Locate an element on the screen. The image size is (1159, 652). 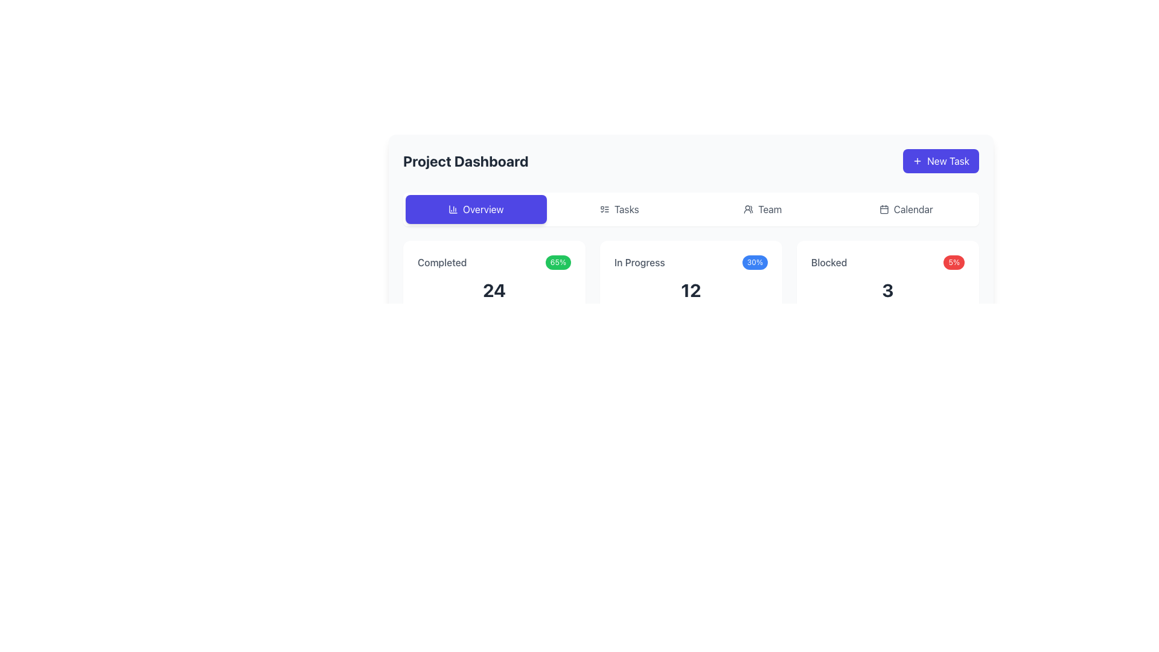
the 'Users' or 'Team' SVG icon located in the horizontal navigation bar, positioned beside the label 'Team' is located at coordinates (748, 209).